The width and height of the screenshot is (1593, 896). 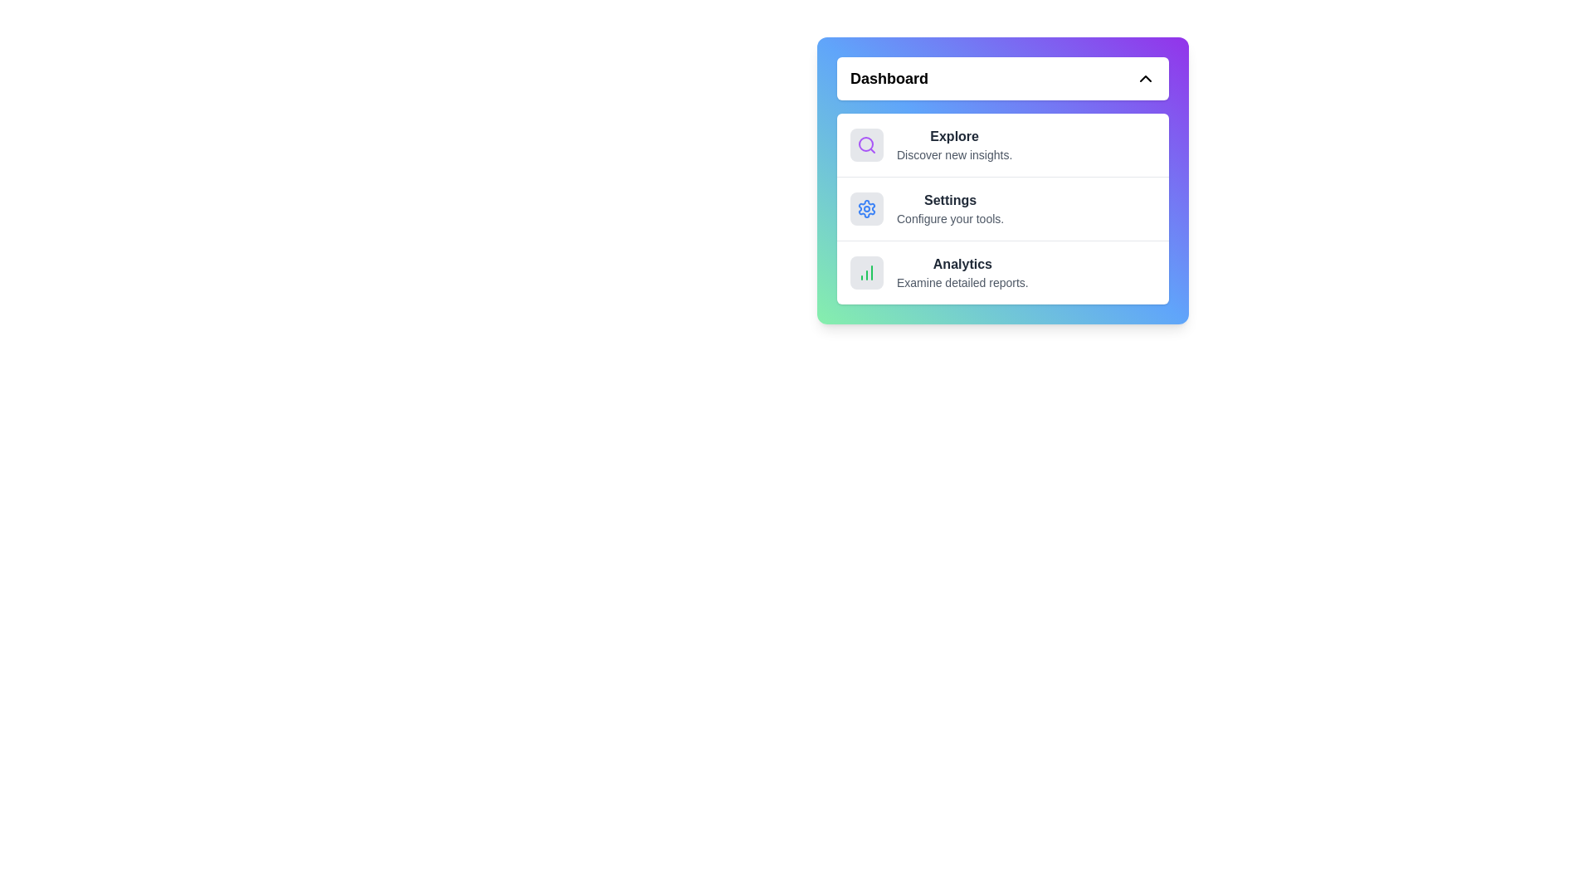 What do you see at coordinates (1002, 144) in the screenshot?
I see `the menu item corresponding to Explore` at bounding box center [1002, 144].